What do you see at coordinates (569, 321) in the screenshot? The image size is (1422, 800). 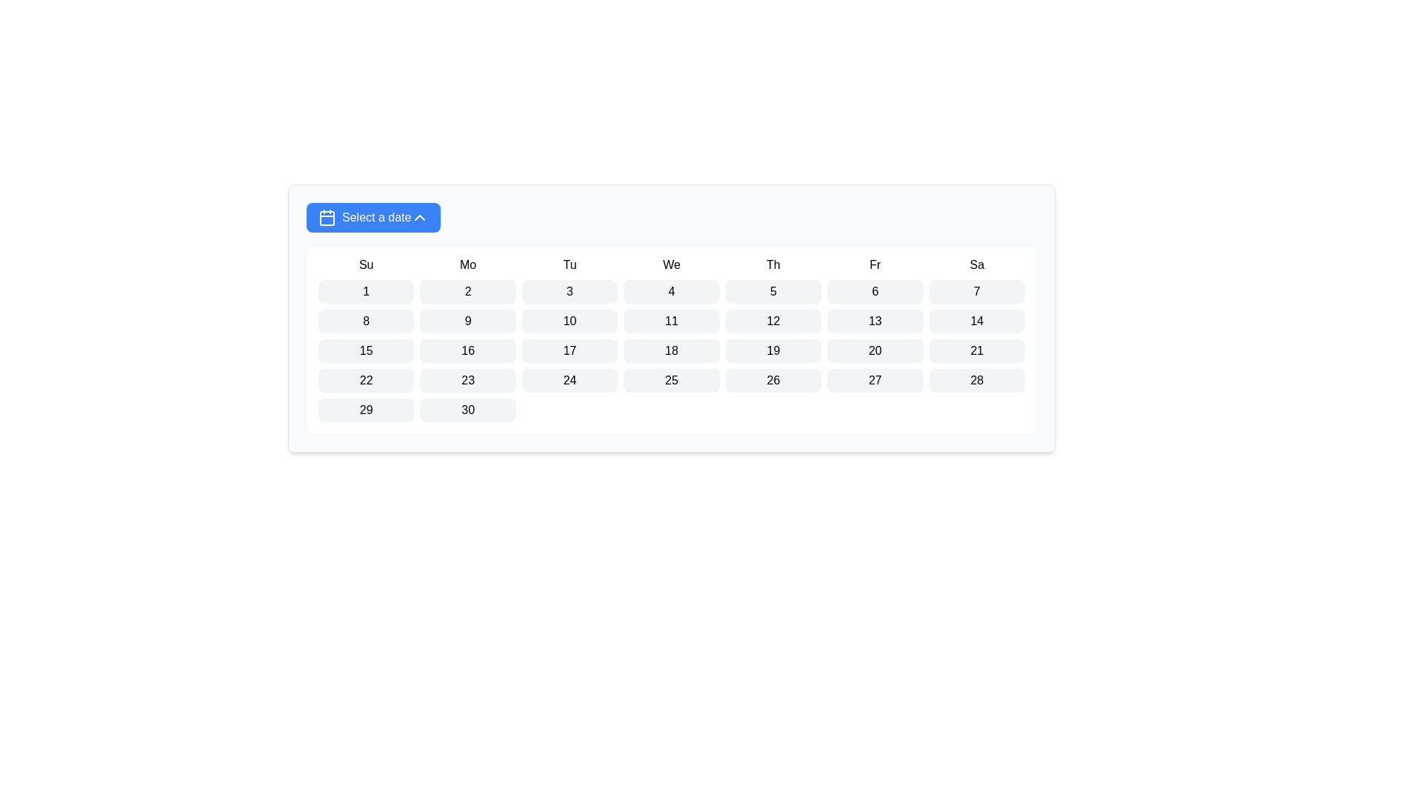 I see `the selectable date button for the 10th of the month in the calendar interface` at bounding box center [569, 321].